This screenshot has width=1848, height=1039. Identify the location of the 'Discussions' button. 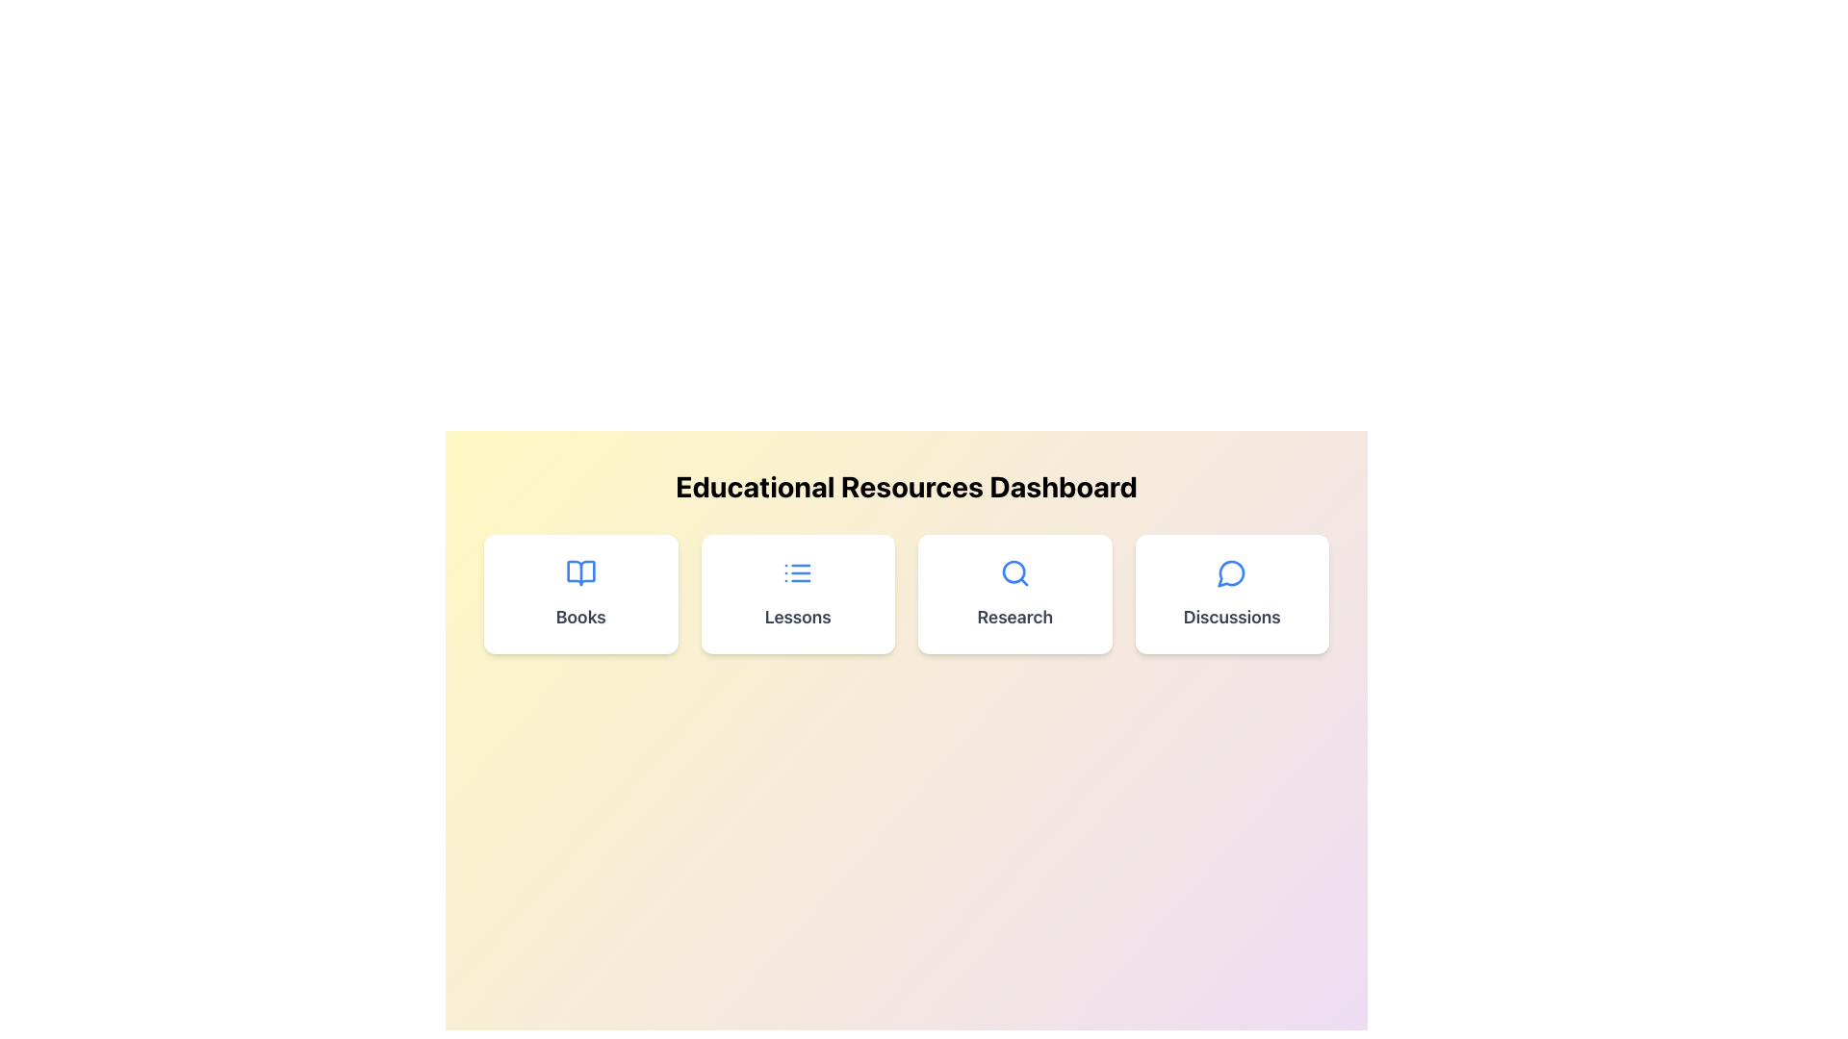
(1232, 593).